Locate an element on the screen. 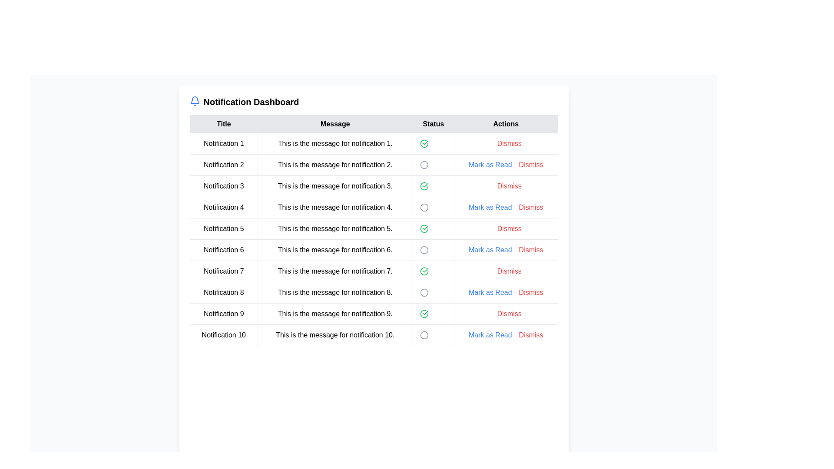 The image size is (834, 469). the dismiss button for Notification 7, which is located in the 'Actions' column and is visually positioned to the far right of the row, adjacent to the 'Mark as Read' action is located at coordinates (506, 271).